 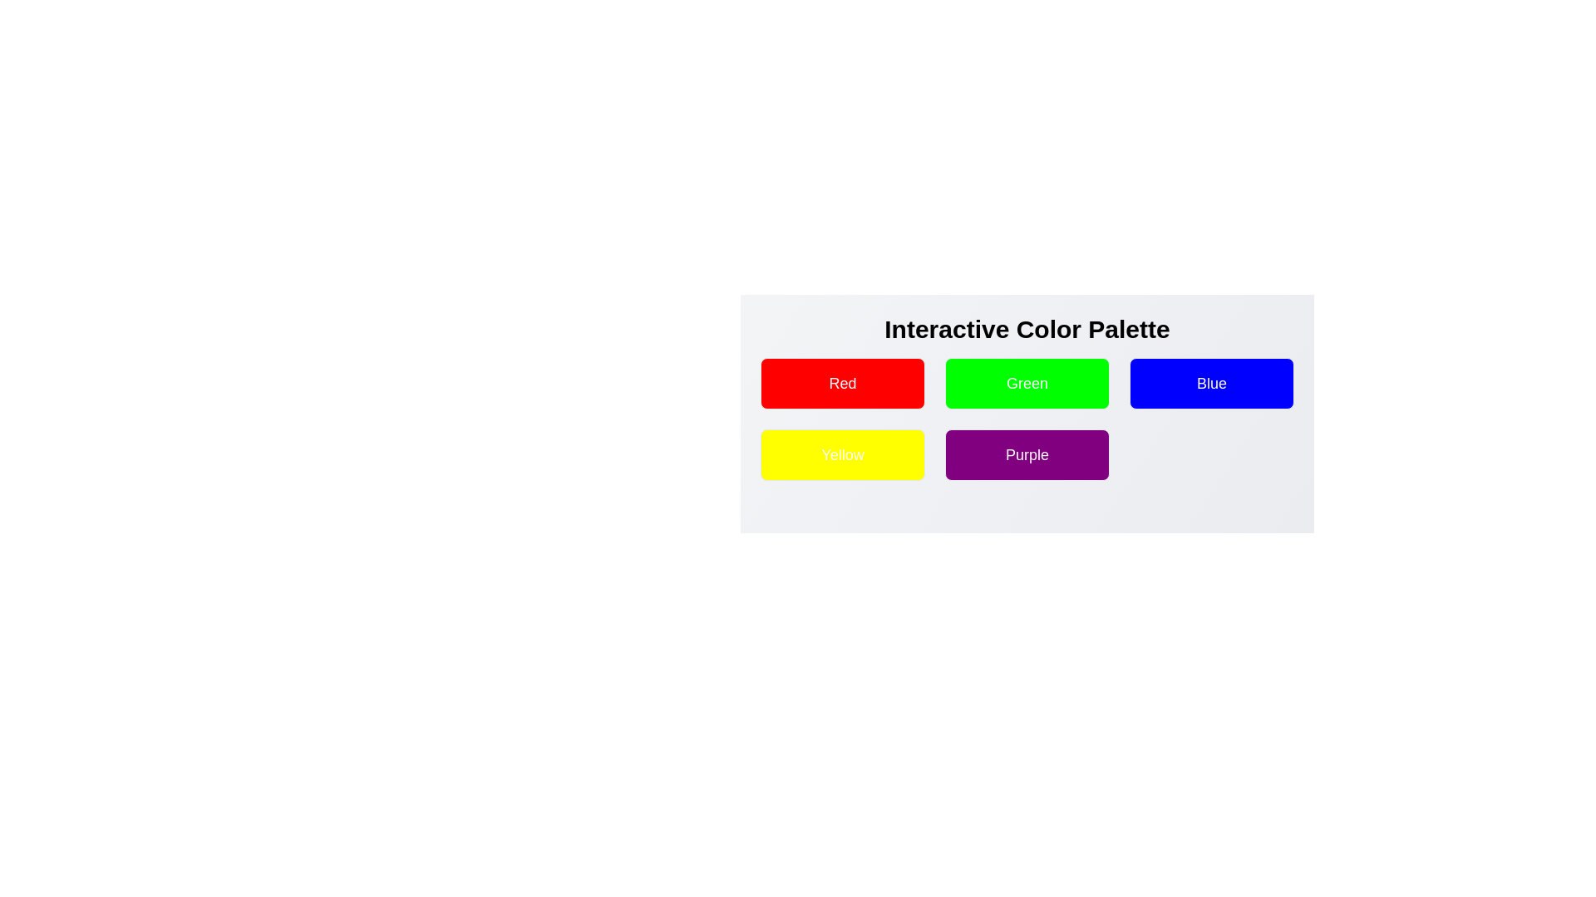 I want to click on the rectangular button with rounded corners and a bright yellow background labeled 'Yellow', located in the second row and first column of the button grid, so click(x=842, y=454).